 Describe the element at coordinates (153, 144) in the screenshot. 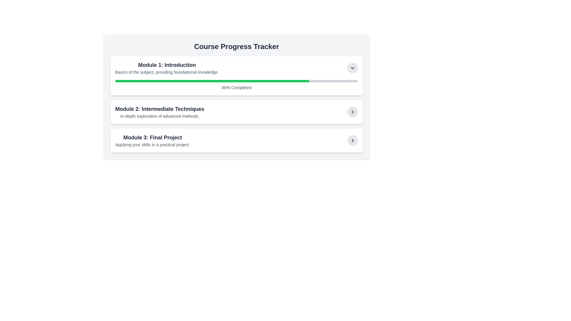

I see `the text label providing additional information about 'Module 3: Final Project', which is positioned directly below the main title of the module` at that location.